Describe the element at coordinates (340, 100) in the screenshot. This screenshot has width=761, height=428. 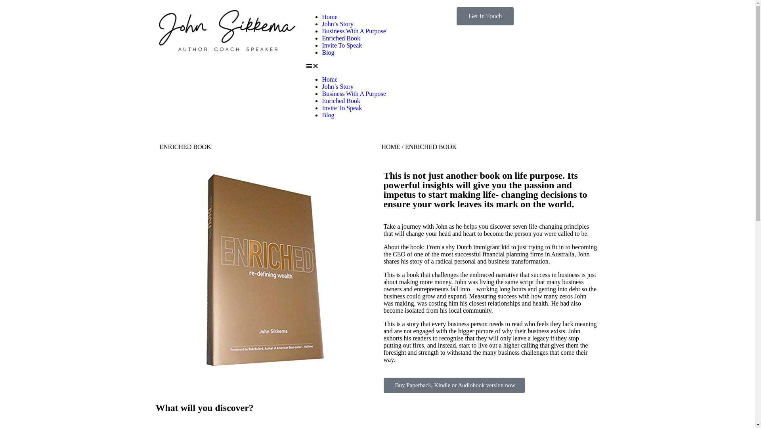
I see `'Enriched Book'` at that location.